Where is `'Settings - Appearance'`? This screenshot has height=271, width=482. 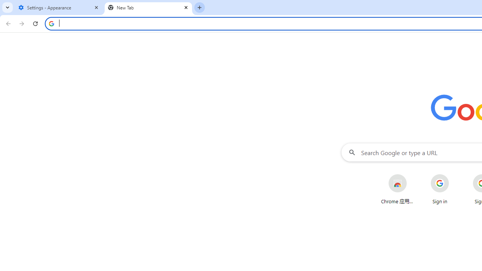 'Settings - Appearance' is located at coordinates (58, 8).